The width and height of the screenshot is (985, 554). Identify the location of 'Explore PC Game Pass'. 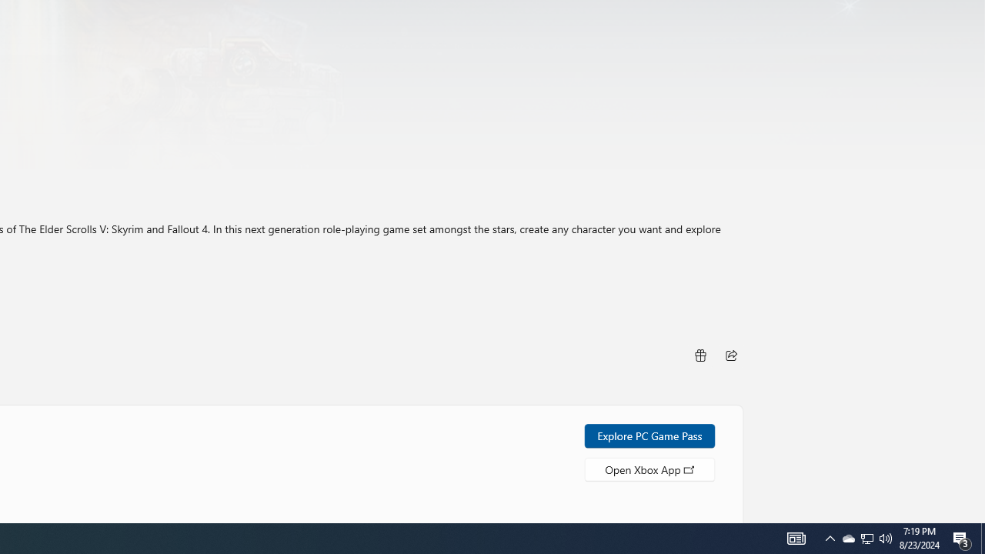
(649, 435).